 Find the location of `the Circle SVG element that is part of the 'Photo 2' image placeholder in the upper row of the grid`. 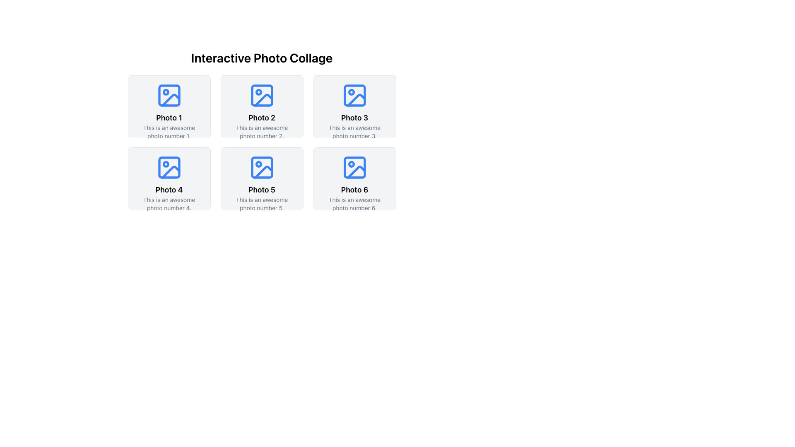

the Circle SVG element that is part of the 'Photo 2' image placeholder in the upper row of the grid is located at coordinates (258, 92).